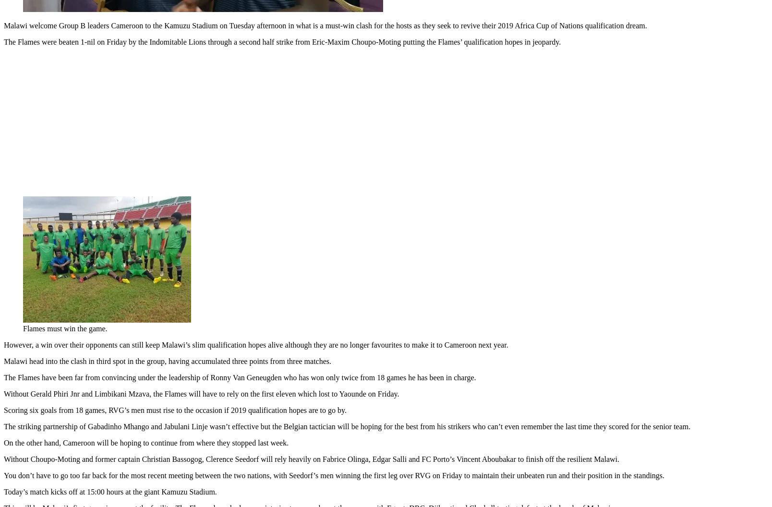 The width and height of the screenshot is (772, 507). I want to click on 'On the other hand, Cameroon will be hoping to continue from where they stopped last week.', so click(145, 440).